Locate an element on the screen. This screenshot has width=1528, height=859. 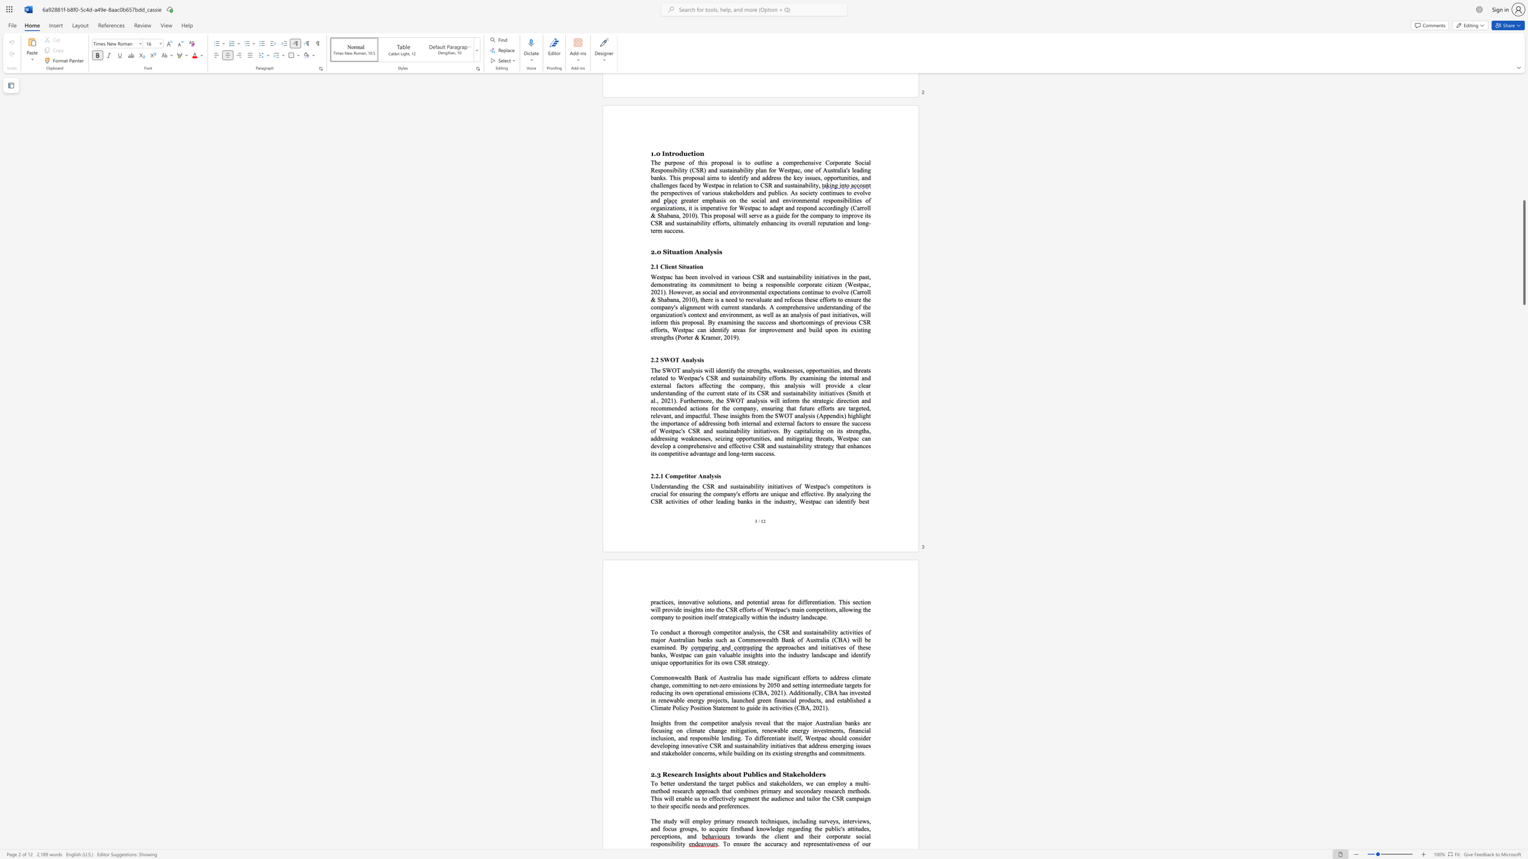
the subset text "rveys, interviews, and focus gr" within the text "The study will employ primary research techniques, including surveys, interviews, and focus groups, to" is located at coordinates (824, 820).